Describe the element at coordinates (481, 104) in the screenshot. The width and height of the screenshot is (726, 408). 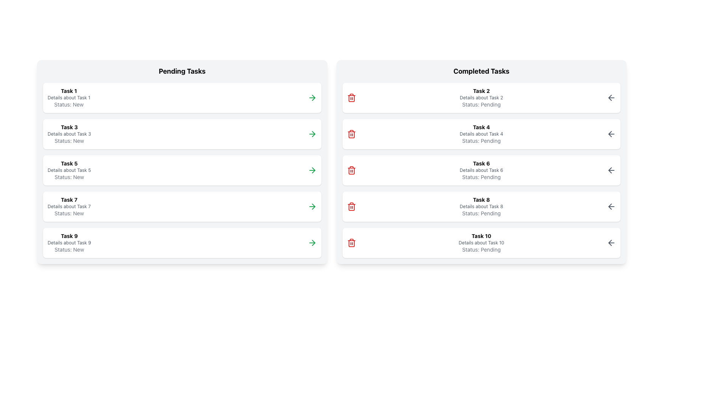
I see `the informational Text label indicating the status of 'Task 2' as 'Pending', which is located in the 'Completed Tasks' section beneath 'Details about Task 2'` at that location.